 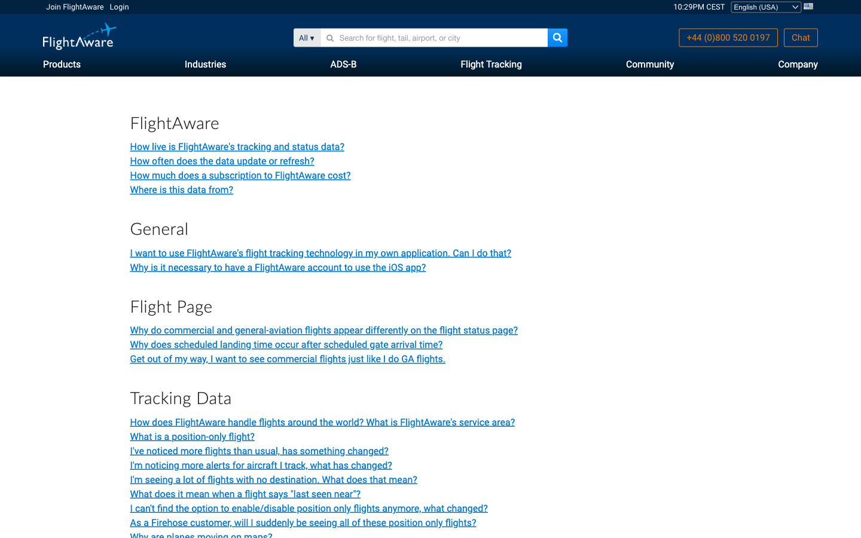 I want to click on Look for details on position-only flight, so click(x=192, y=436).